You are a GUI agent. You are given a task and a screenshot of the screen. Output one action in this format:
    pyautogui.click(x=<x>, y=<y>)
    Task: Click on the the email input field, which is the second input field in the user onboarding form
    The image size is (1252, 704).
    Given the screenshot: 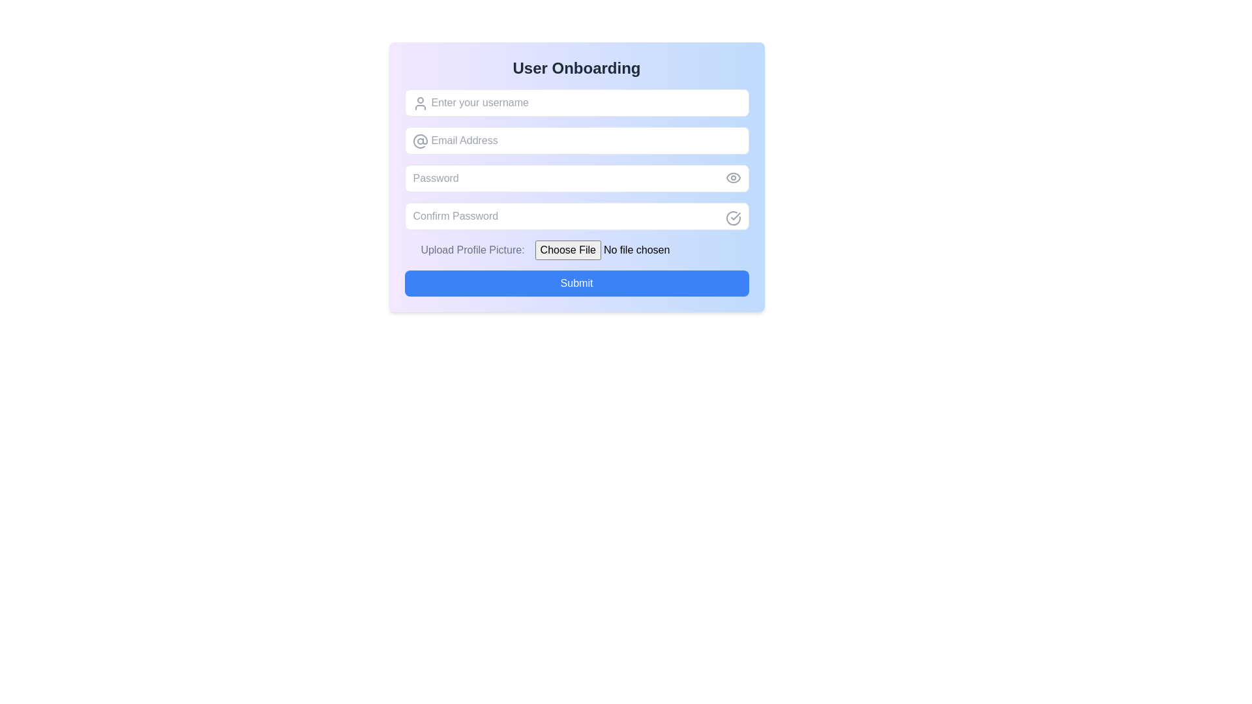 What is the action you would take?
    pyautogui.click(x=576, y=141)
    